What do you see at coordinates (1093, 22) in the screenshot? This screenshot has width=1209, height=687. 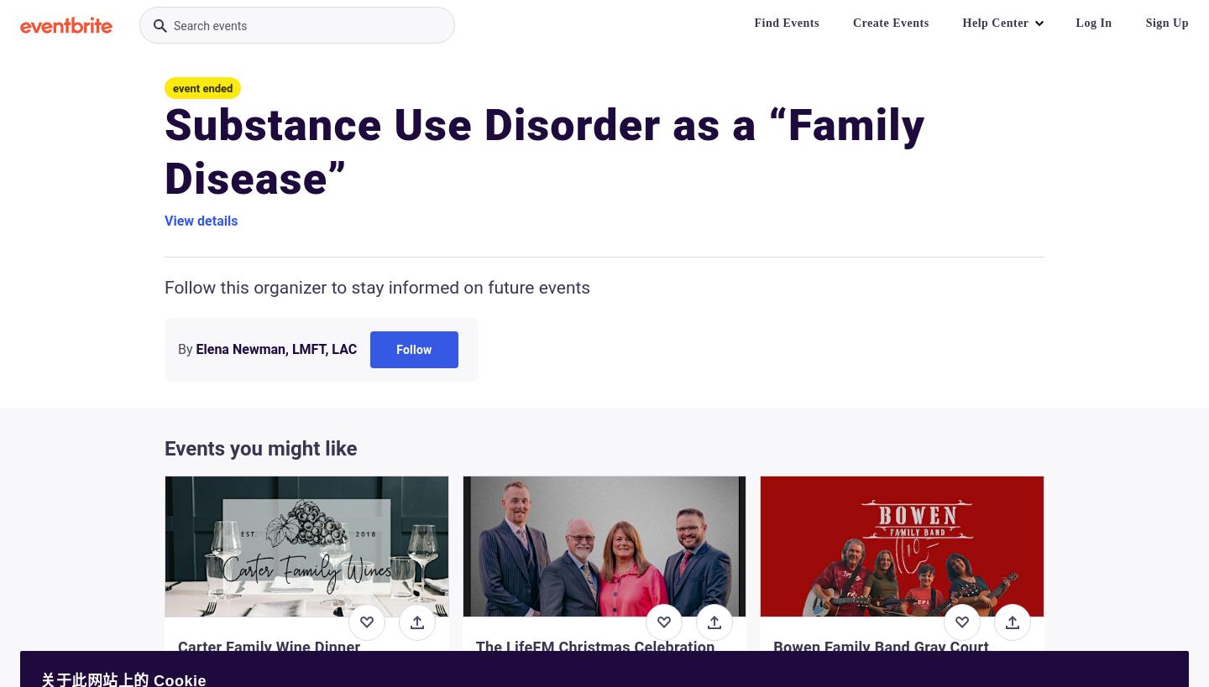 I see `'Log In'` at bounding box center [1093, 22].